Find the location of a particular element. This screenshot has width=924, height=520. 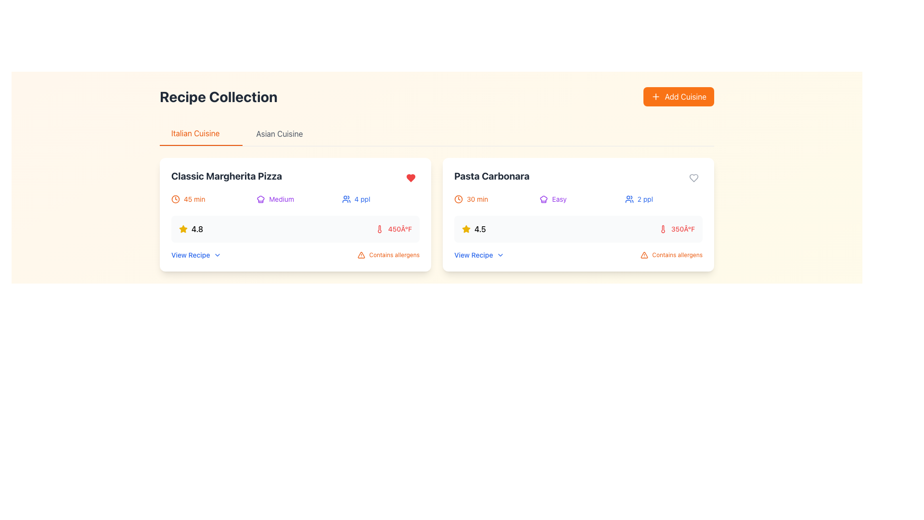

the label displaying '450°F' in red color, part of the information card for the 'Classic Margherita Pizza' recipe is located at coordinates (400, 229).